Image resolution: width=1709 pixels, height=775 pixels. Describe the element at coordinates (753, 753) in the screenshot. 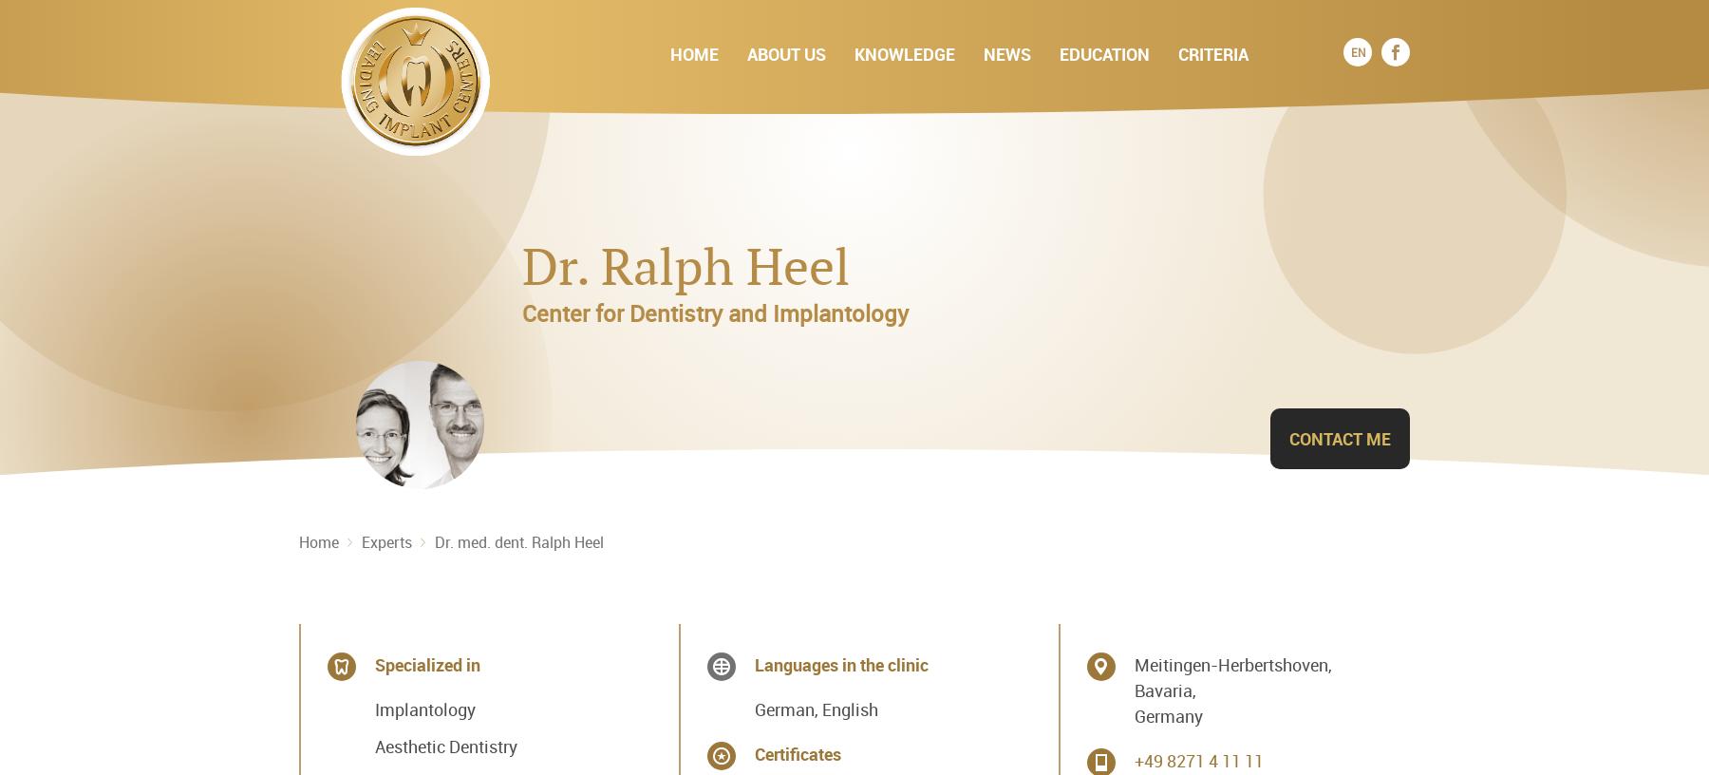

I see `'Certificates'` at that location.